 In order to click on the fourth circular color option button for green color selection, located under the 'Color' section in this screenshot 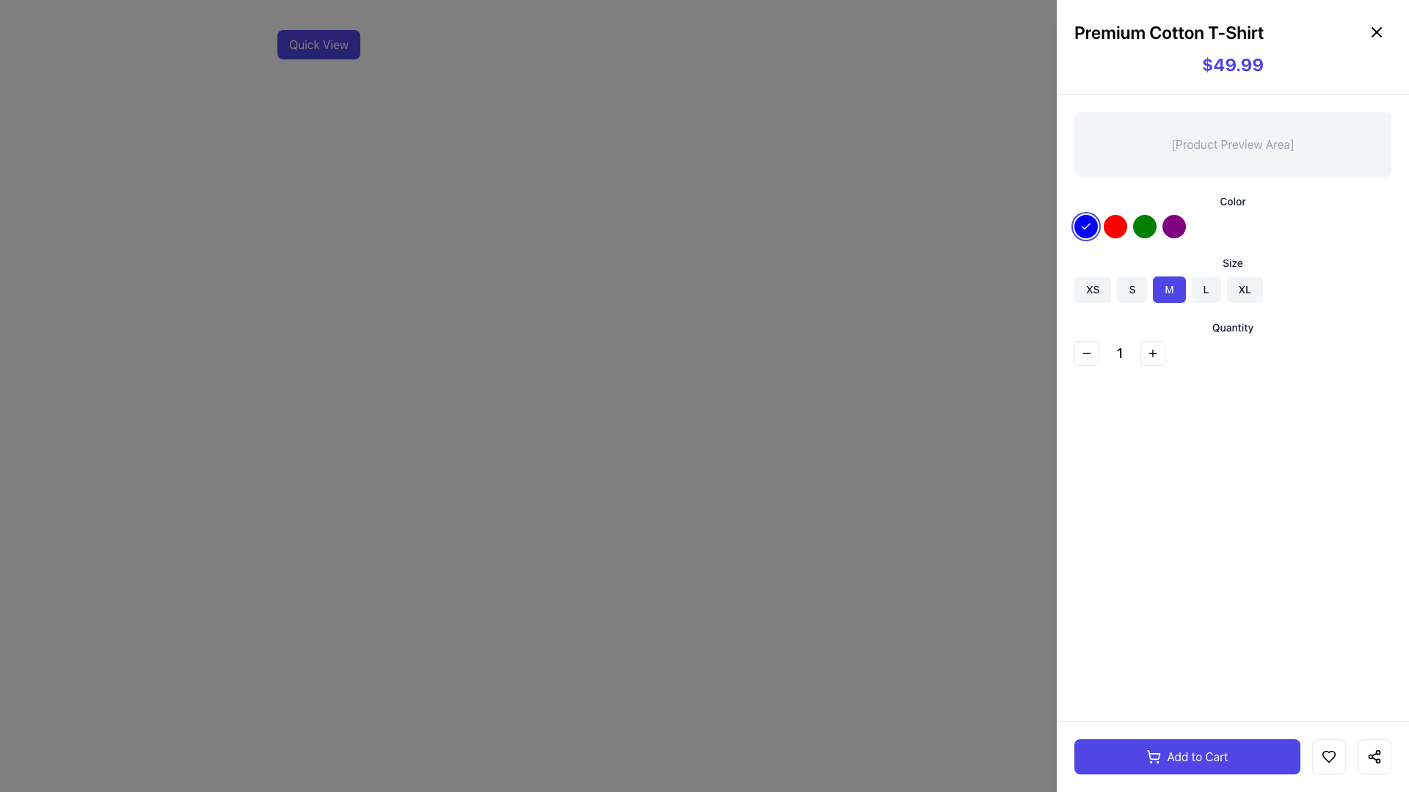, I will do `click(1144, 226)`.